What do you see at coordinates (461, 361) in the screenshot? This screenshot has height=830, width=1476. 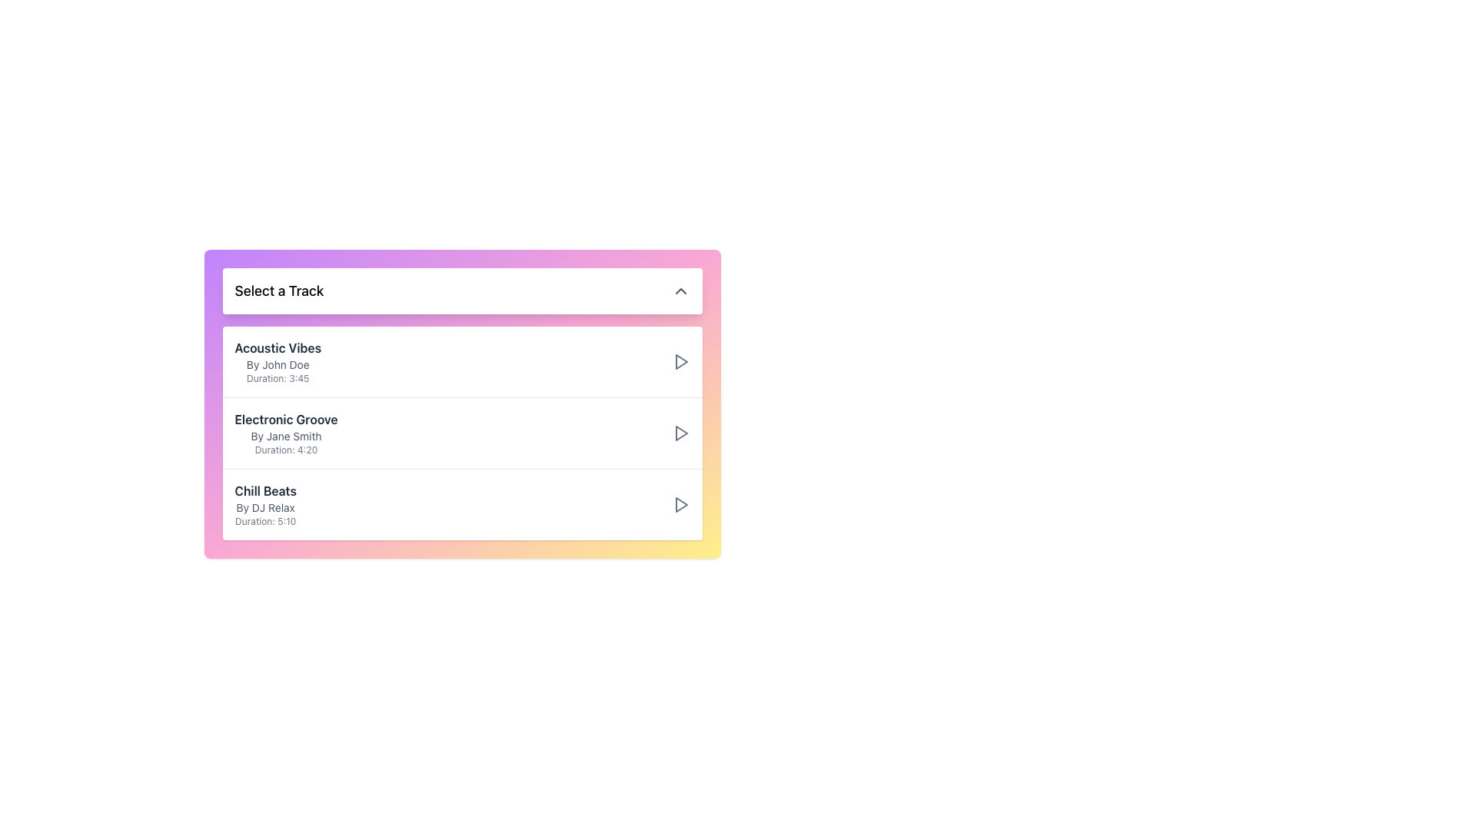 I see `the first selectable list item labeled 'Acoustic Vibes'` at bounding box center [461, 361].